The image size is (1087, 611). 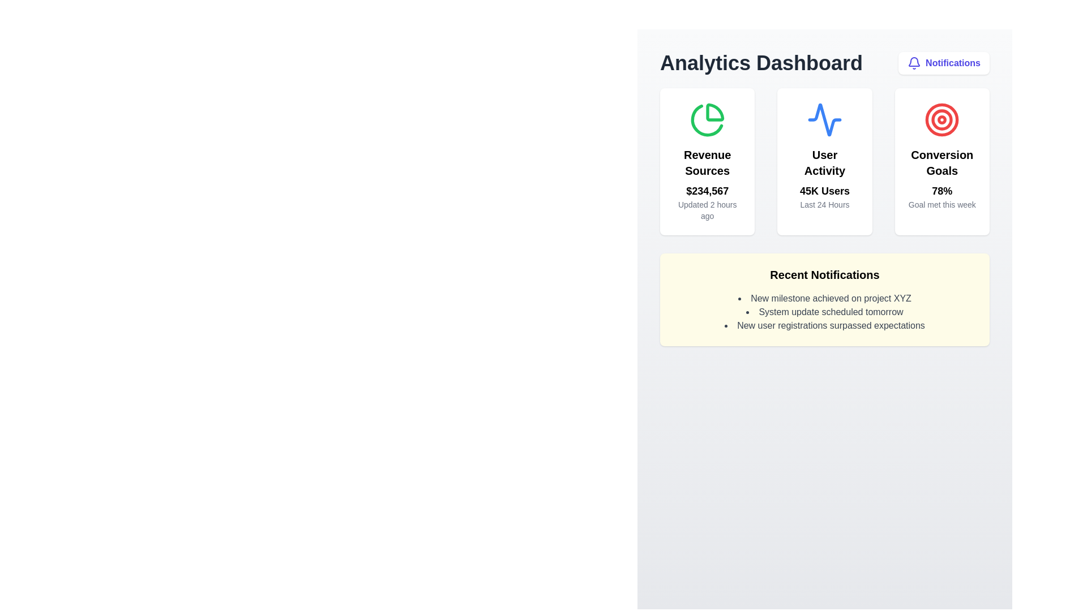 What do you see at coordinates (707, 191) in the screenshot?
I see `the bold text displaying the amount '$234,567' located in the 'Revenue Sources' section, positioned between 'Revenue Sources' and 'Updated 2 hours ago'` at bounding box center [707, 191].